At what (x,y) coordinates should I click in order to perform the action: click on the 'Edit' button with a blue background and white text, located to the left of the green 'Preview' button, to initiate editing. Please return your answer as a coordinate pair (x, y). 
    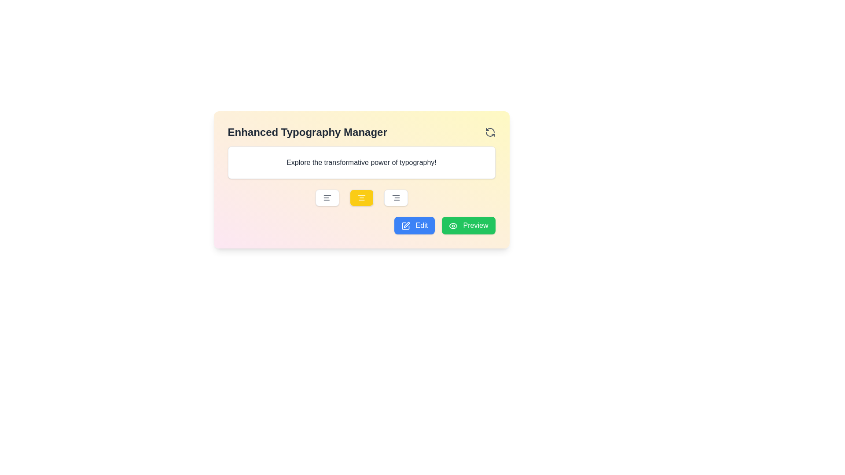
    Looking at the image, I should click on (414, 225).